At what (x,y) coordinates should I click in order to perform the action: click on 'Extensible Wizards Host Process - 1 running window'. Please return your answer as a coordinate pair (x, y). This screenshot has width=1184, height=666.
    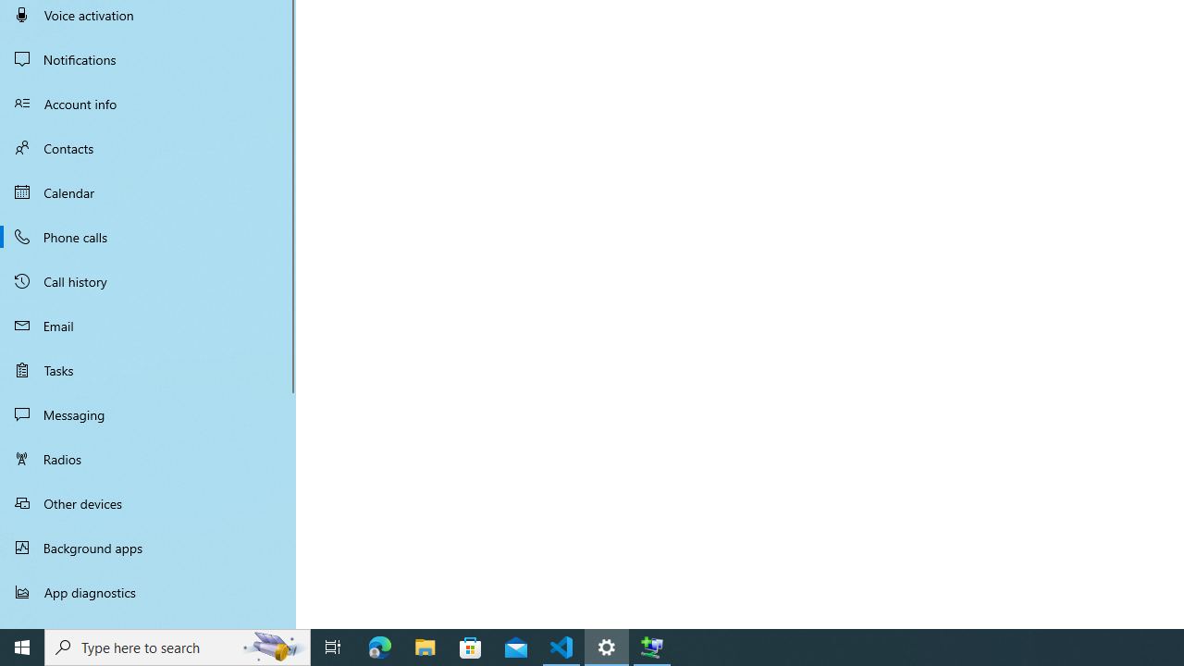
    Looking at the image, I should click on (652, 646).